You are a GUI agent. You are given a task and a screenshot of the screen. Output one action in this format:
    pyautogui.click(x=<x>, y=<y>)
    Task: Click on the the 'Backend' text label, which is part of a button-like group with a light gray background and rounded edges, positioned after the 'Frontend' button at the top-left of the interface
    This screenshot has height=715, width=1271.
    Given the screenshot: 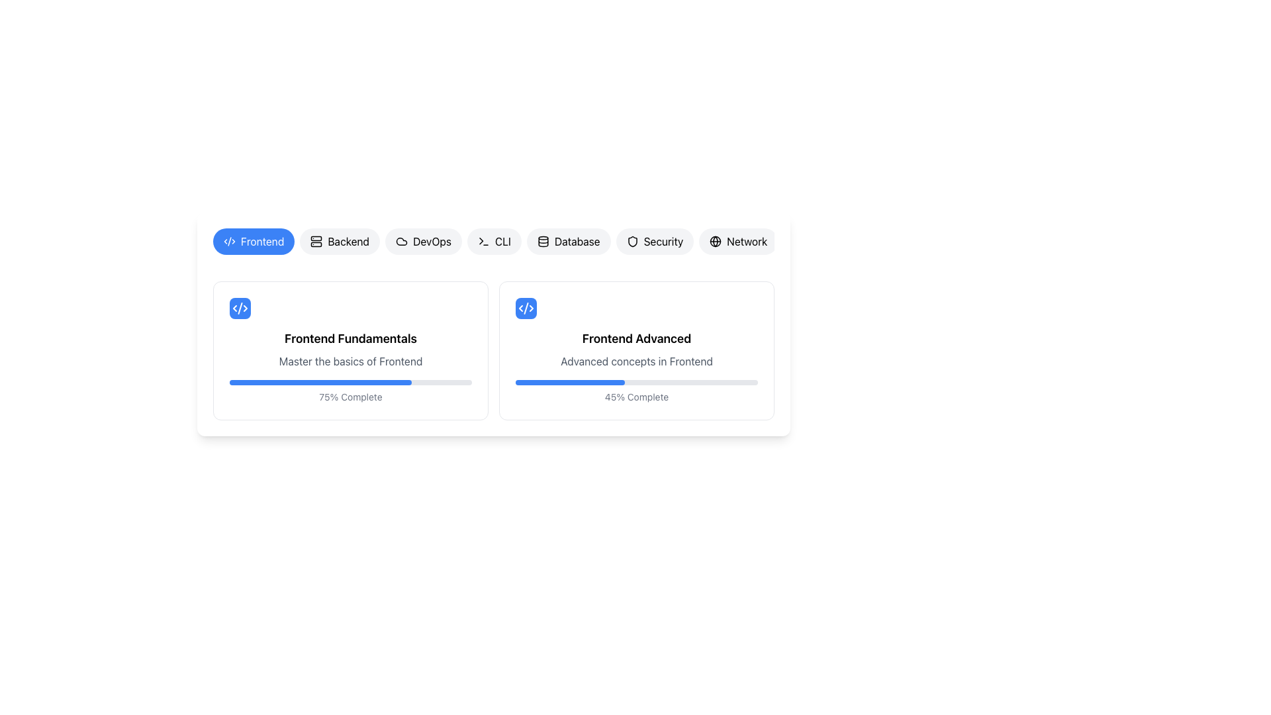 What is the action you would take?
    pyautogui.click(x=348, y=242)
    